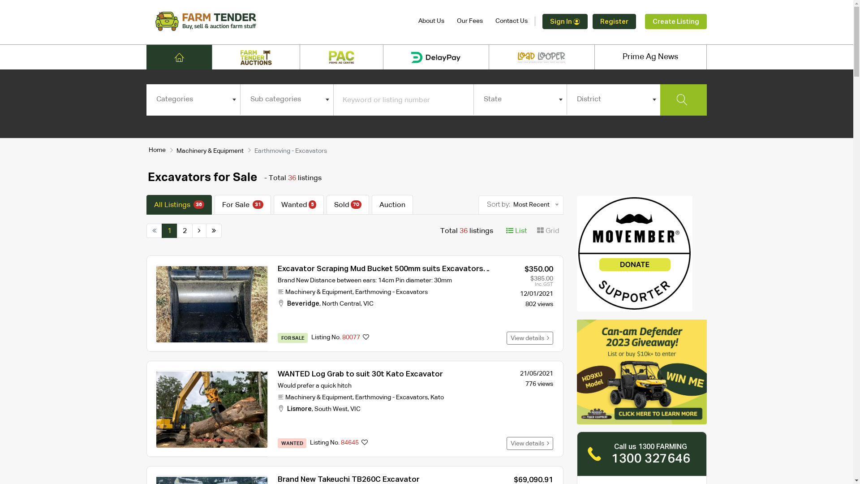  I want to click on 'Prime Ag News', so click(650, 57).